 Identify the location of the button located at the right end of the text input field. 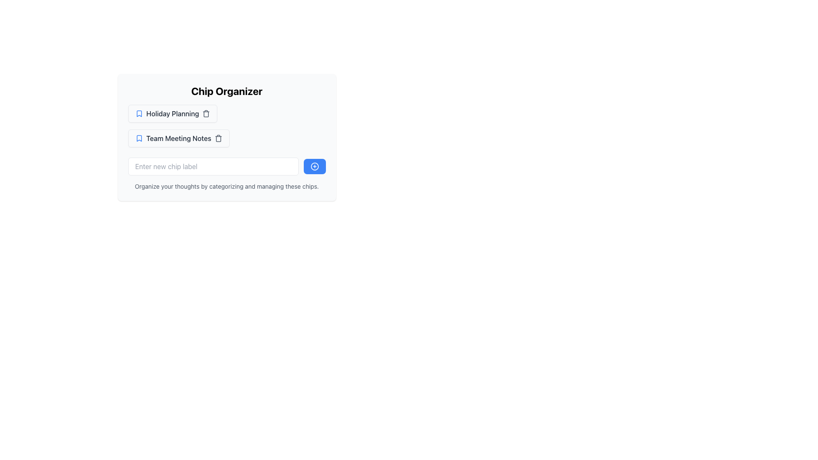
(314, 166).